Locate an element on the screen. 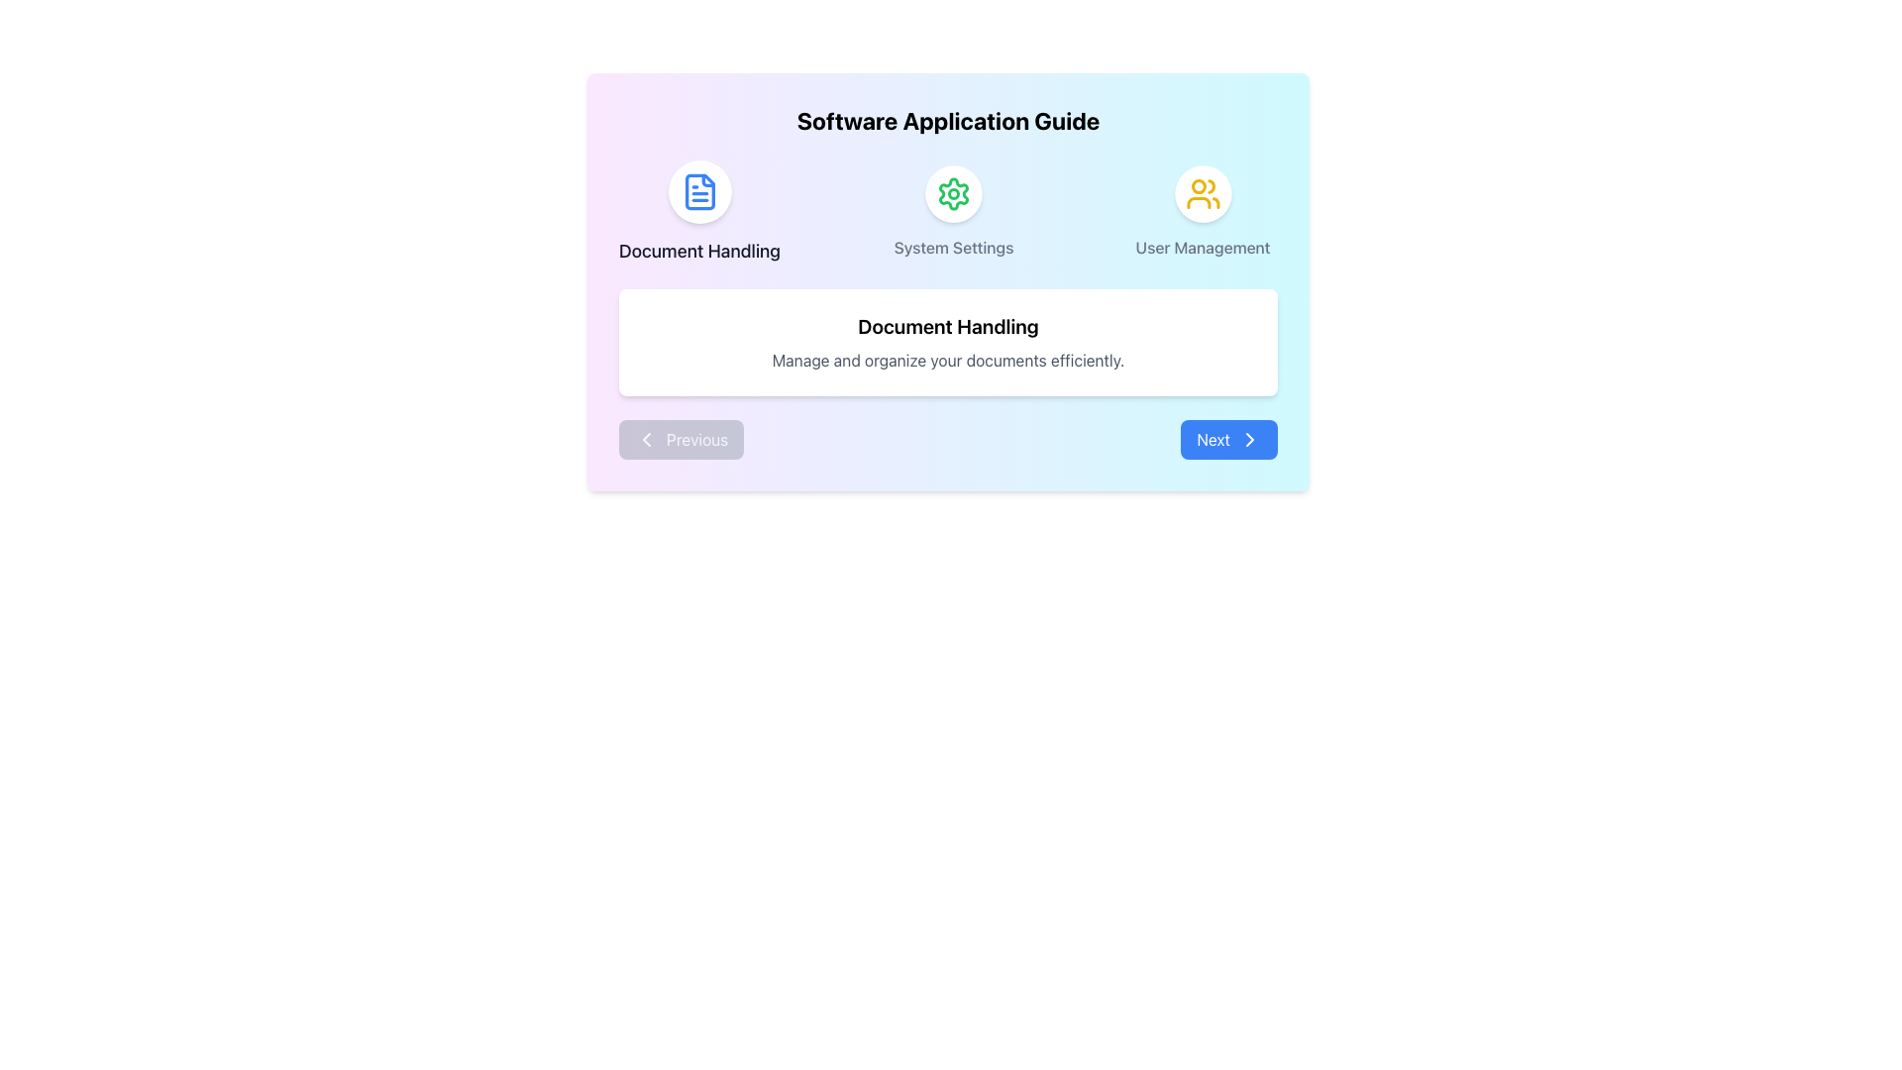  the 'System Settings' graphical icon is located at coordinates (954, 194).